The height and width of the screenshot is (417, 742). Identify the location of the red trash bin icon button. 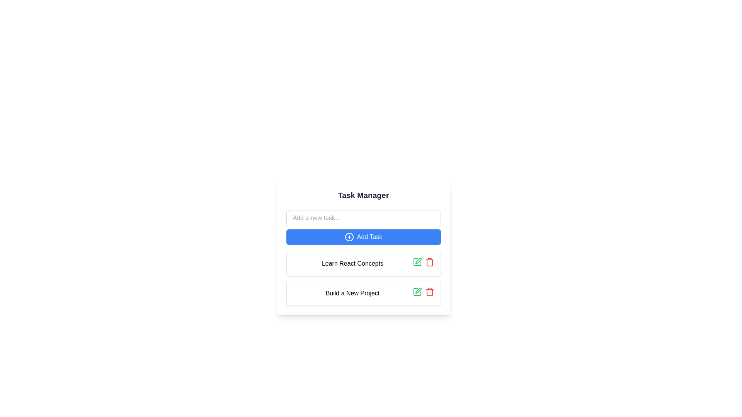
(429, 292).